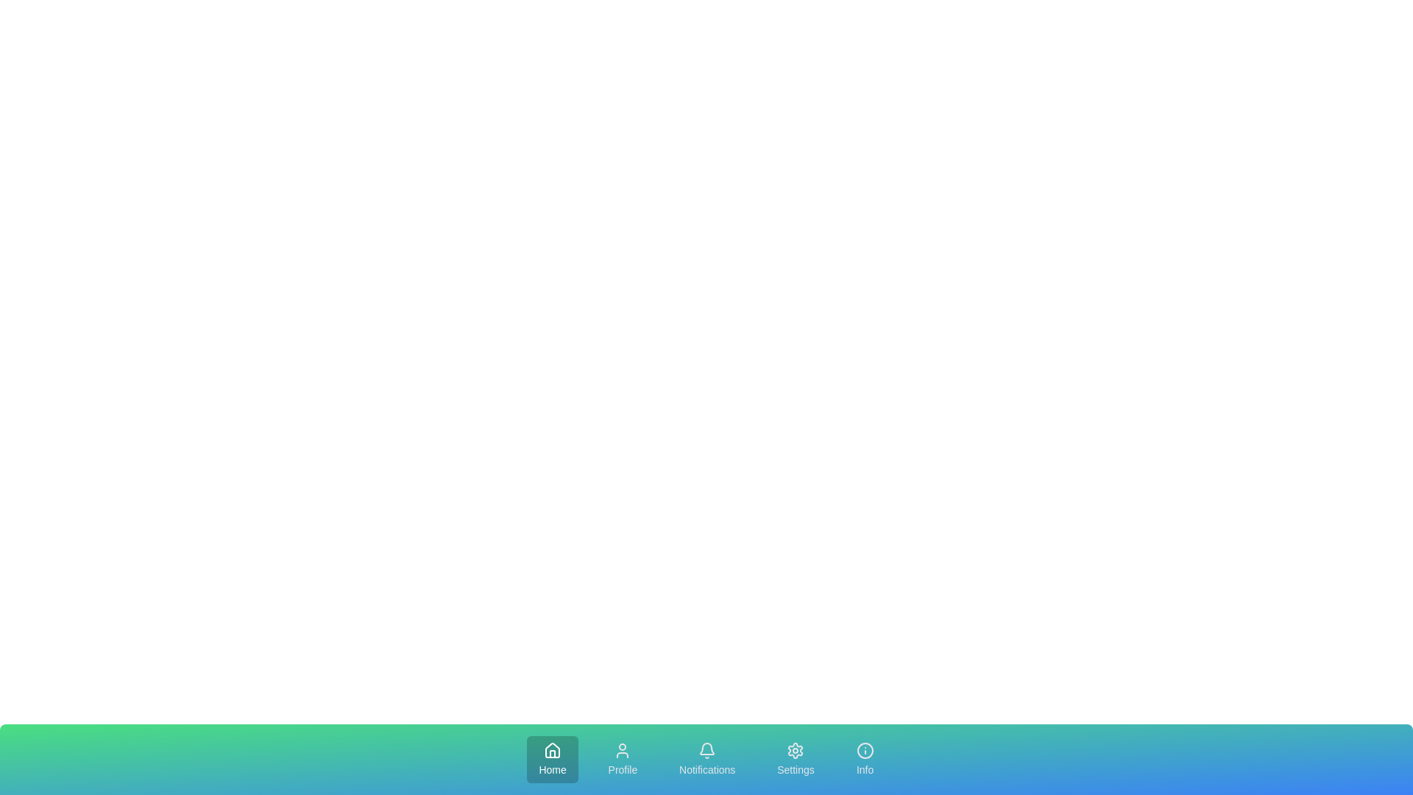 This screenshot has width=1413, height=795. Describe the element at coordinates (865, 760) in the screenshot. I see `the Info tab in the bottom navigation bar` at that location.